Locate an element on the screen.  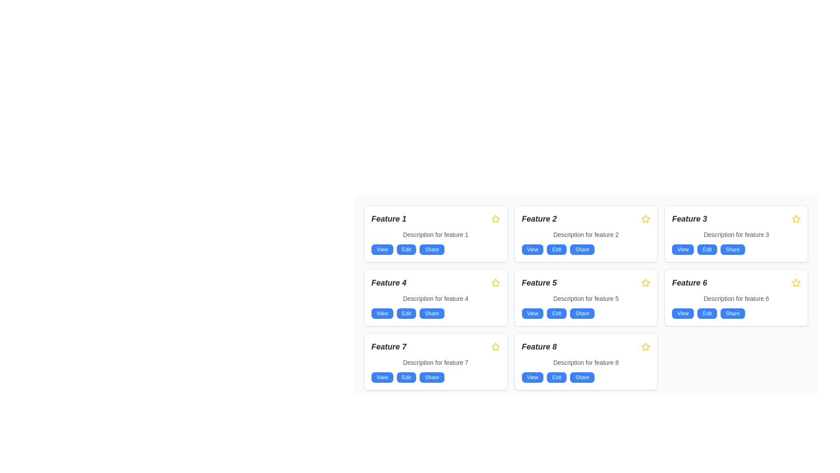
the 'Share' button in the Group of buttons labeled 'View', 'Edit', and 'Share' located at the bottom-right of the grid under the card labeled 'Feature 6' is located at coordinates (736, 313).